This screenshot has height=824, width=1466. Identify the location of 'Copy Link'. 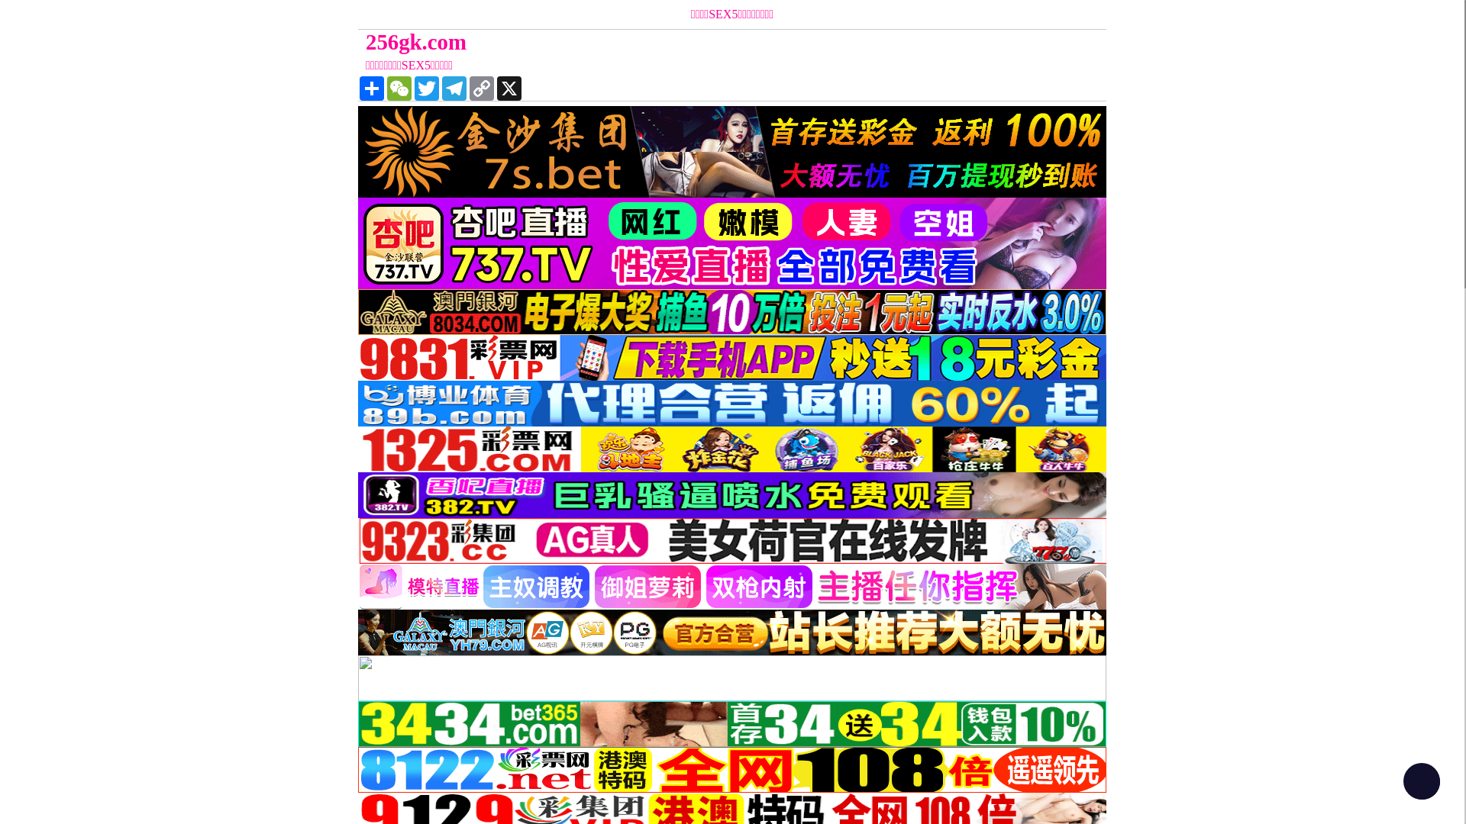
(480, 88).